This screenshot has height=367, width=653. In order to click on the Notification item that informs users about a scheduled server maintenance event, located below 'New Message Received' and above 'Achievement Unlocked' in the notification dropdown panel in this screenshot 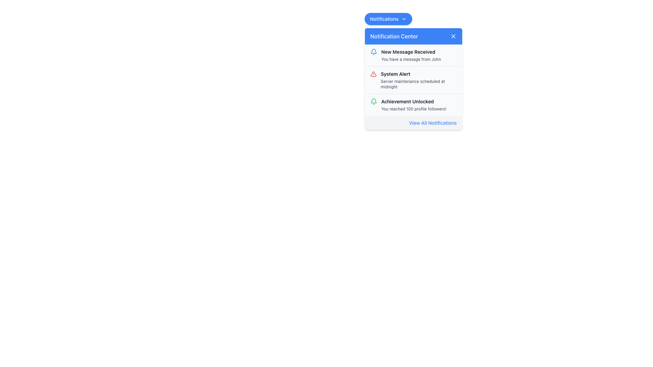, I will do `click(413, 78)`.